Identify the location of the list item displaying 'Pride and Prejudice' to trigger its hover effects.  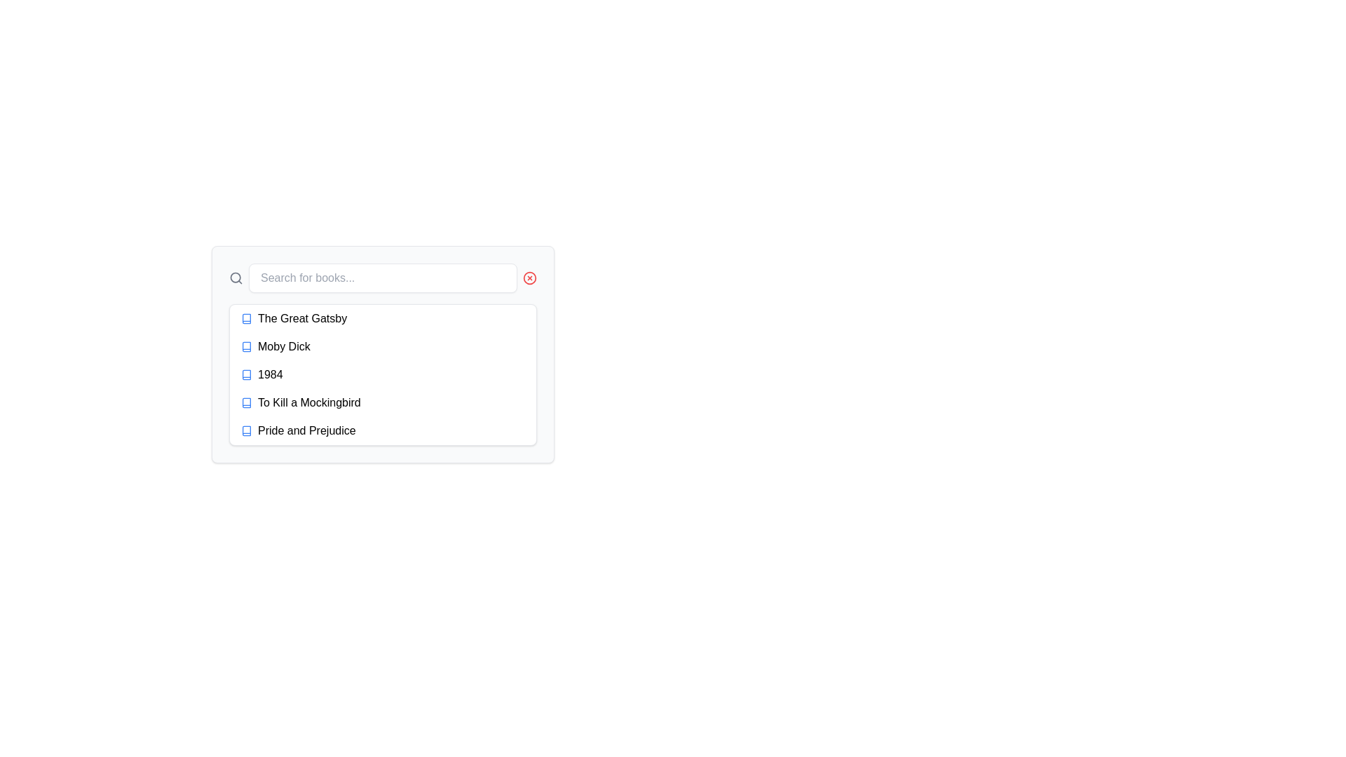
(383, 430).